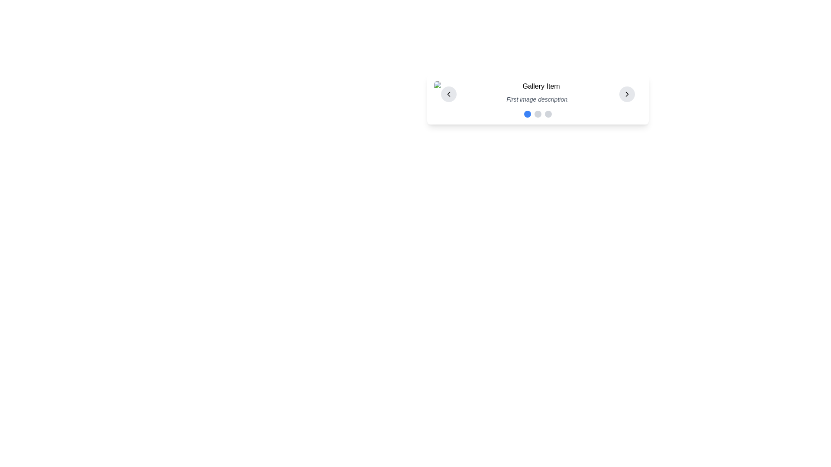 This screenshot has height=467, width=831. Describe the element at coordinates (537, 99) in the screenshot. I see `text content of the Text Display that shows 'First image description.' styled in italic font, positioned centrally below the 'Gallery Item' title text` at that location.